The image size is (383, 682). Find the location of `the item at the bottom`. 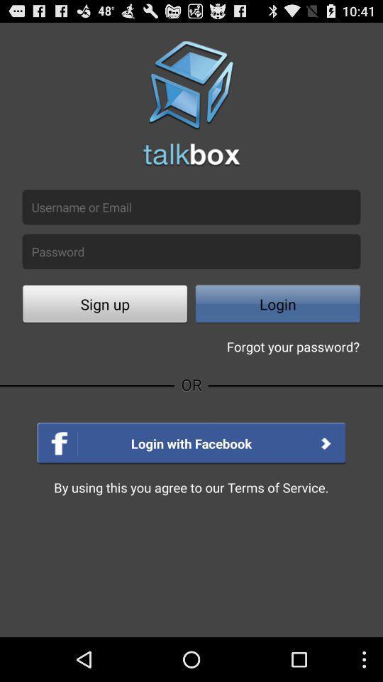

the item at the bottom is located at coordinates (191, 487).